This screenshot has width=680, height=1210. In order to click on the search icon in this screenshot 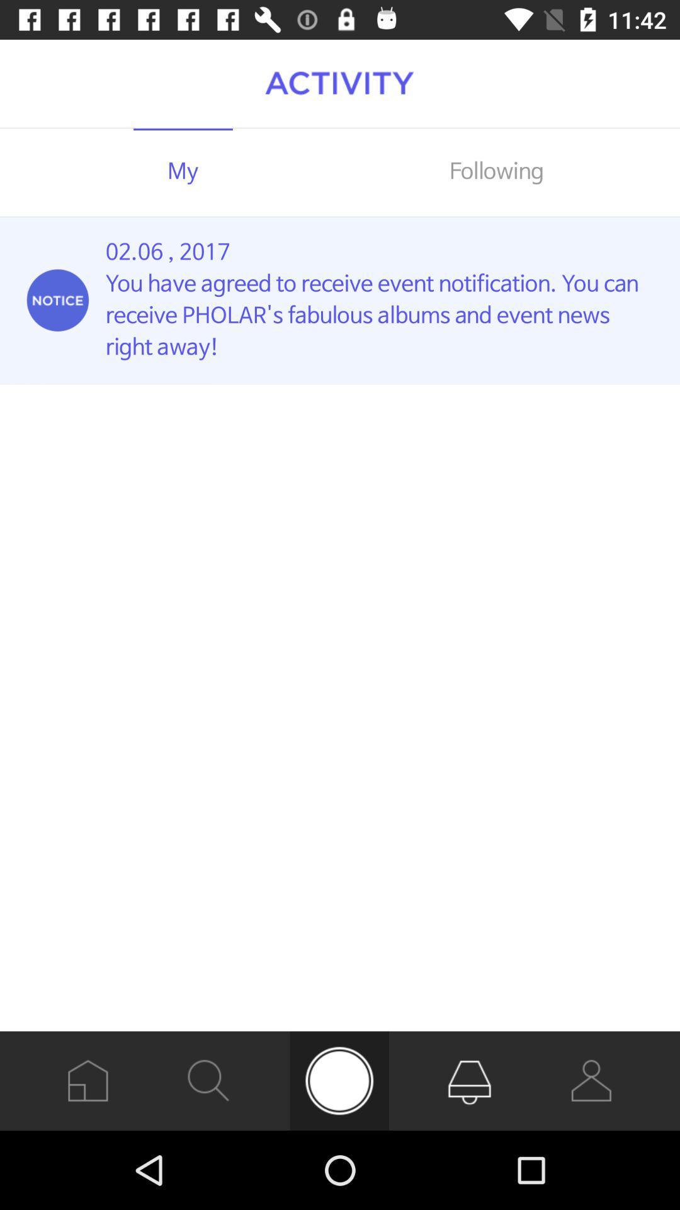, I will do `click(208, 1080)`.